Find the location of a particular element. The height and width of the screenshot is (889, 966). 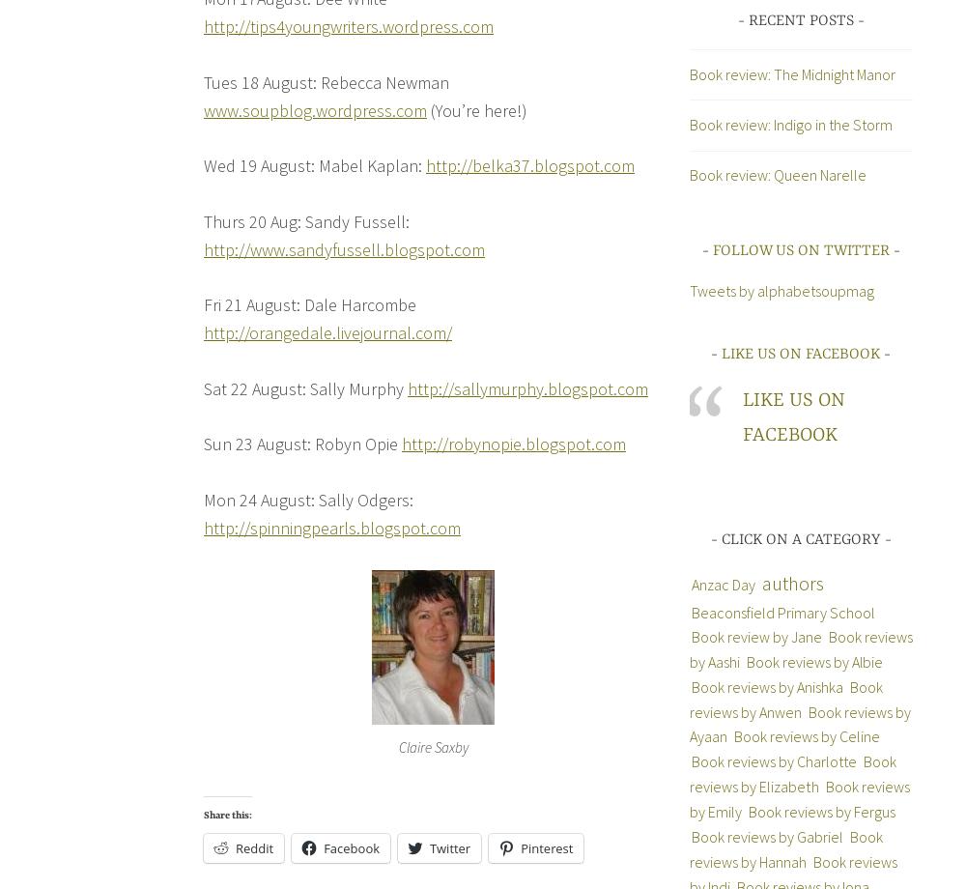

'Book reviews by Albie' is located at coordinates (812, 661).